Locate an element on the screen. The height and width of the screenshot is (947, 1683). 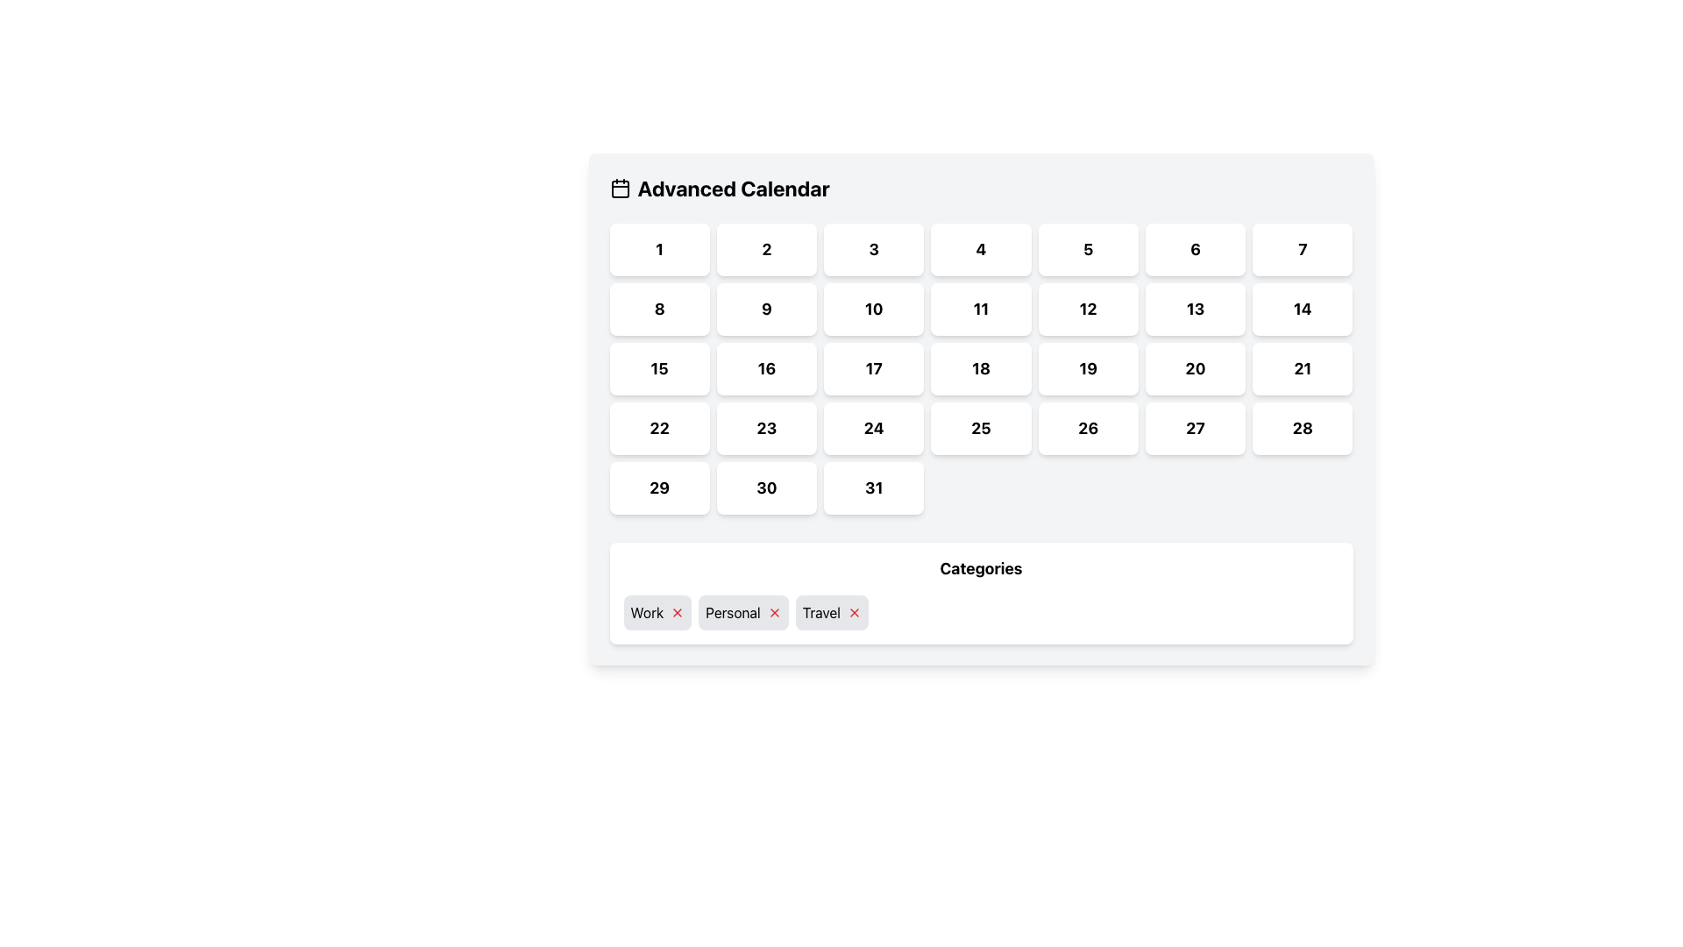
the button representing the number '5' in the calendar view is located at coordinates (1087, 250).